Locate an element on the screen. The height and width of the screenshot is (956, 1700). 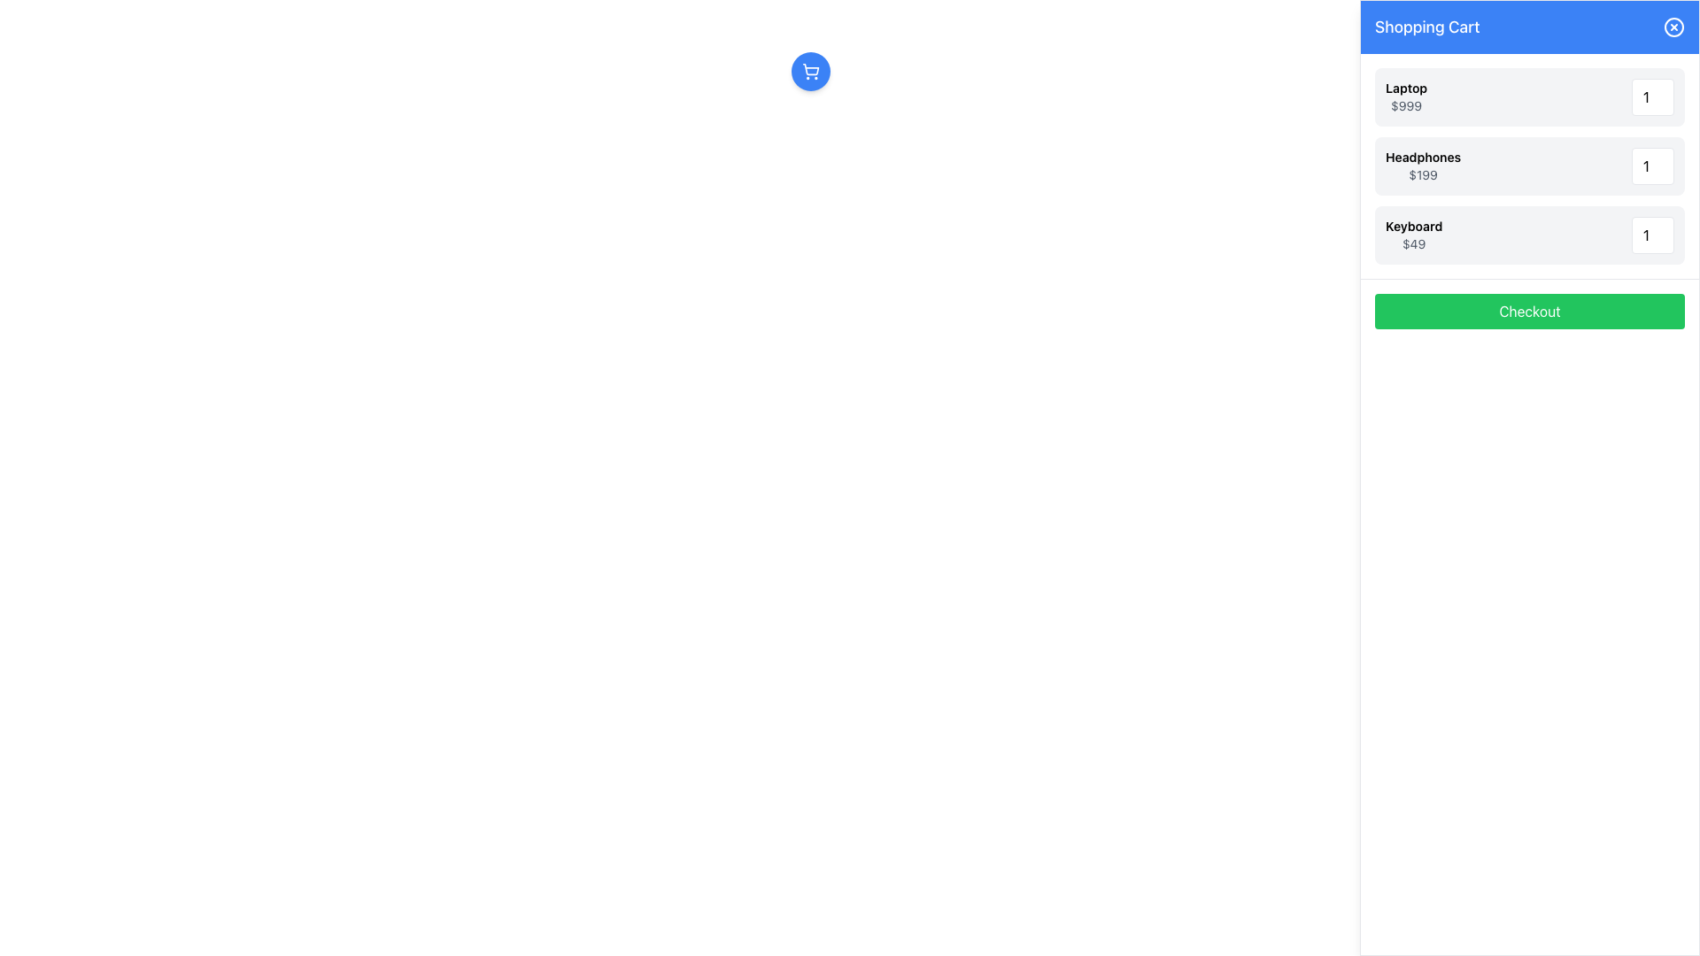
the decorative graphical icon (circle) located in the top-right corner of the Shopping Cart UI section is located at coordinates (1673, 27).